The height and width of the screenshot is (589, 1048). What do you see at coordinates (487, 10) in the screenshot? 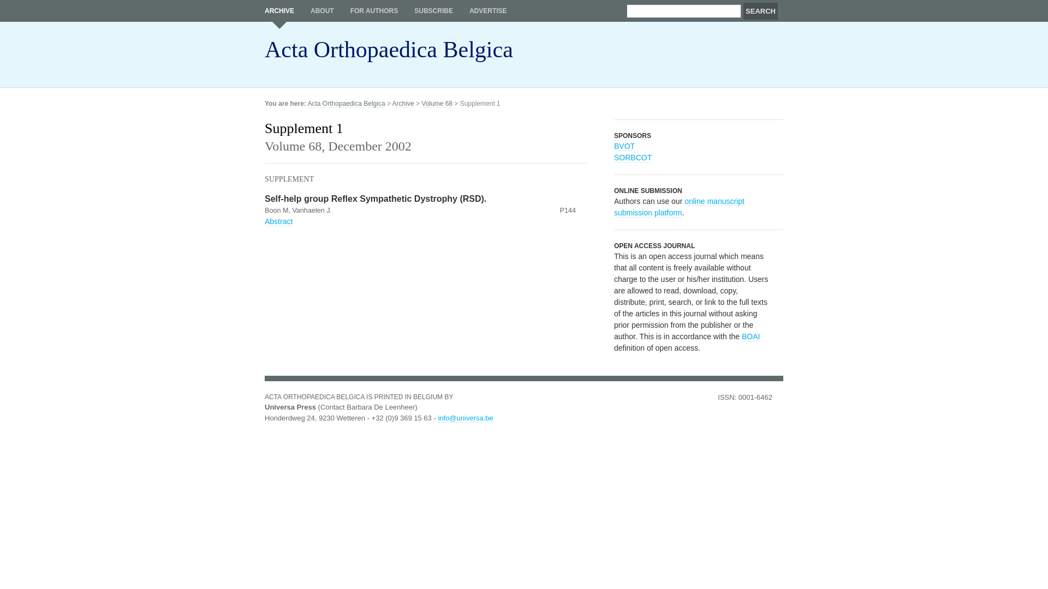
I see `'ADVERTISE'` at bounding box center [487, 10].